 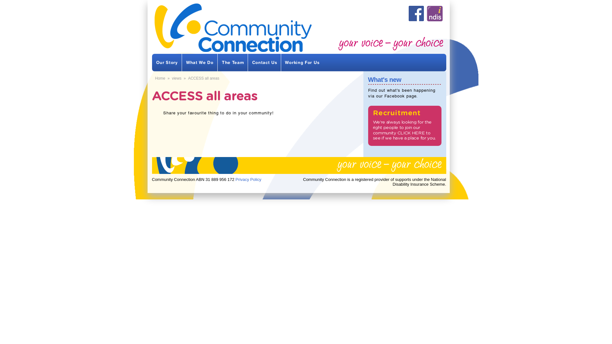 I want to click on 'Working For Us', so click(x=302, y=61).